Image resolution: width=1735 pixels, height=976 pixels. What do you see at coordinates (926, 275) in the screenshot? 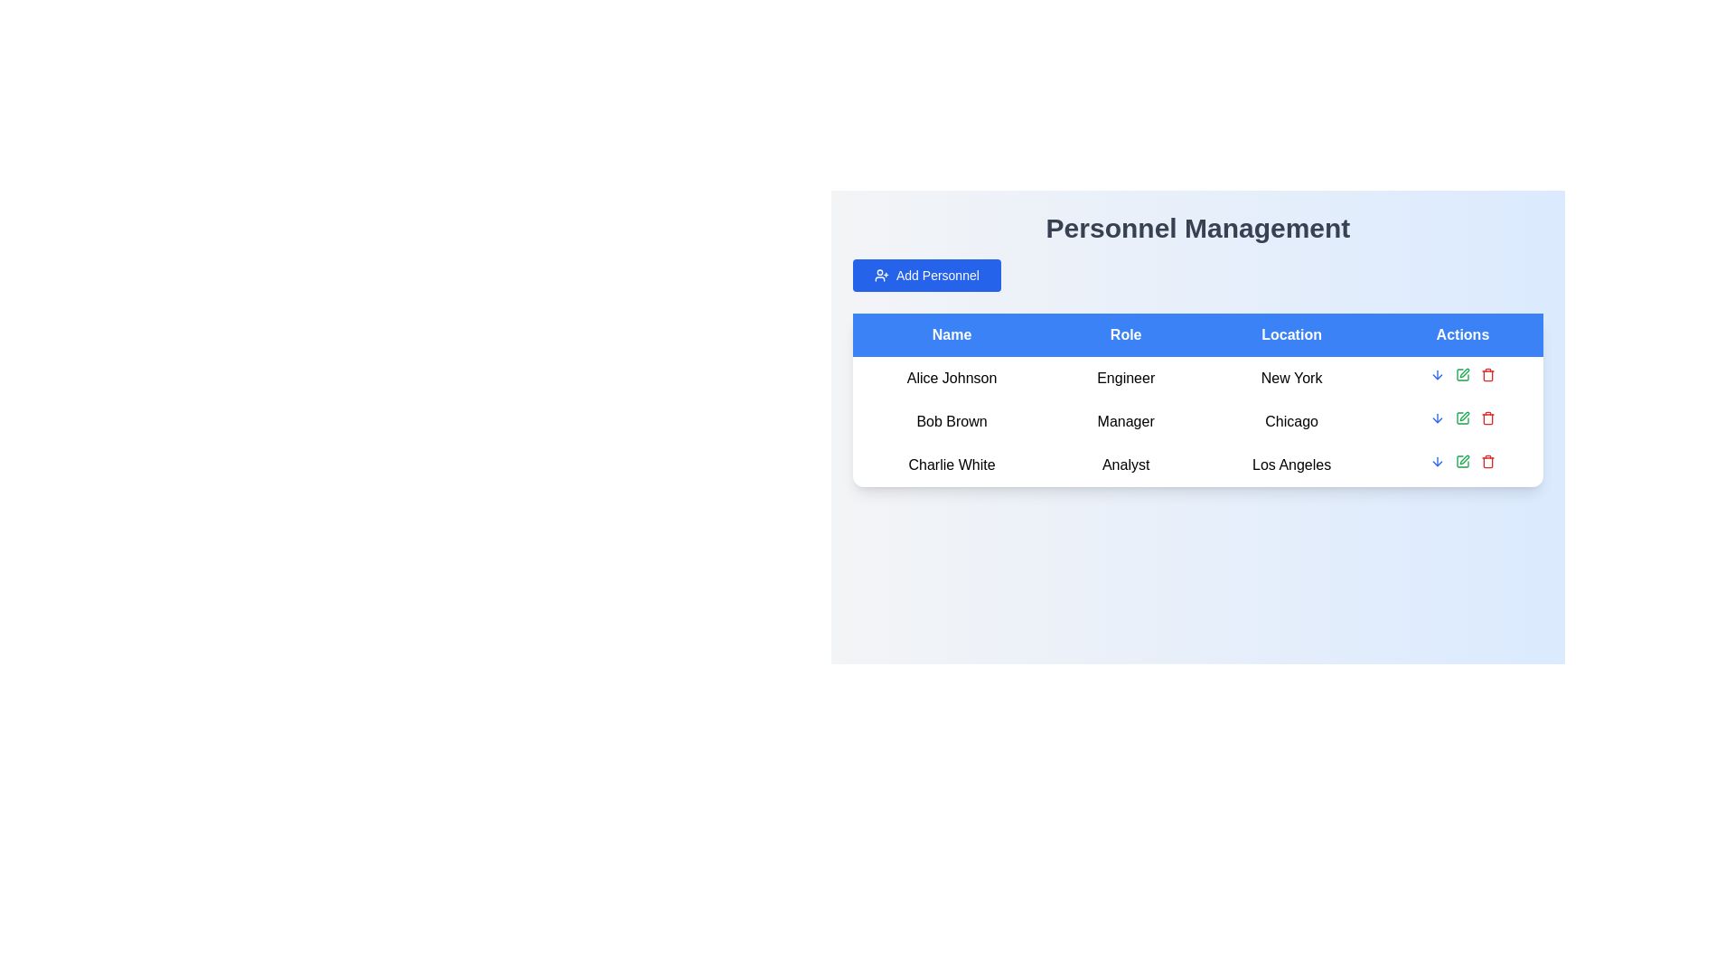
I see `the button below the 'Personnel Management' heading` at bounding box center [926, 275].